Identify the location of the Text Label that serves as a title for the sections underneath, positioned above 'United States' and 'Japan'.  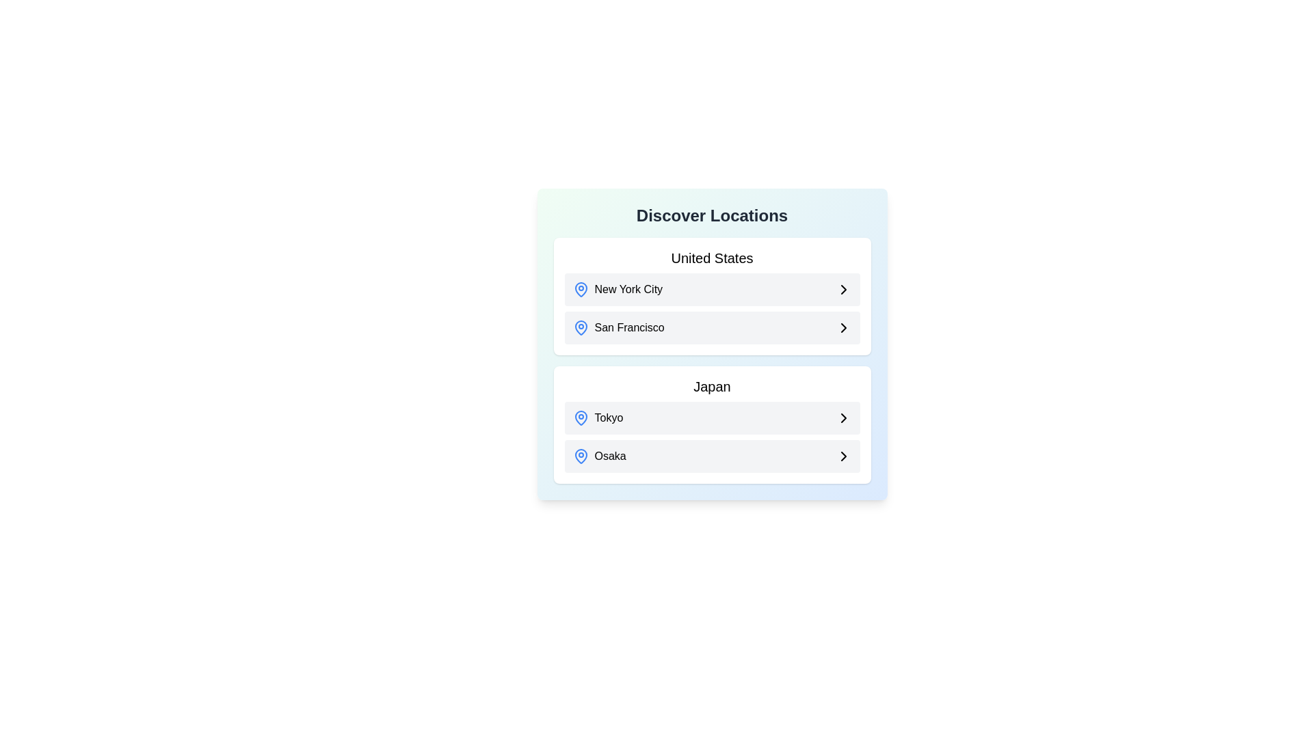
(711, 215).